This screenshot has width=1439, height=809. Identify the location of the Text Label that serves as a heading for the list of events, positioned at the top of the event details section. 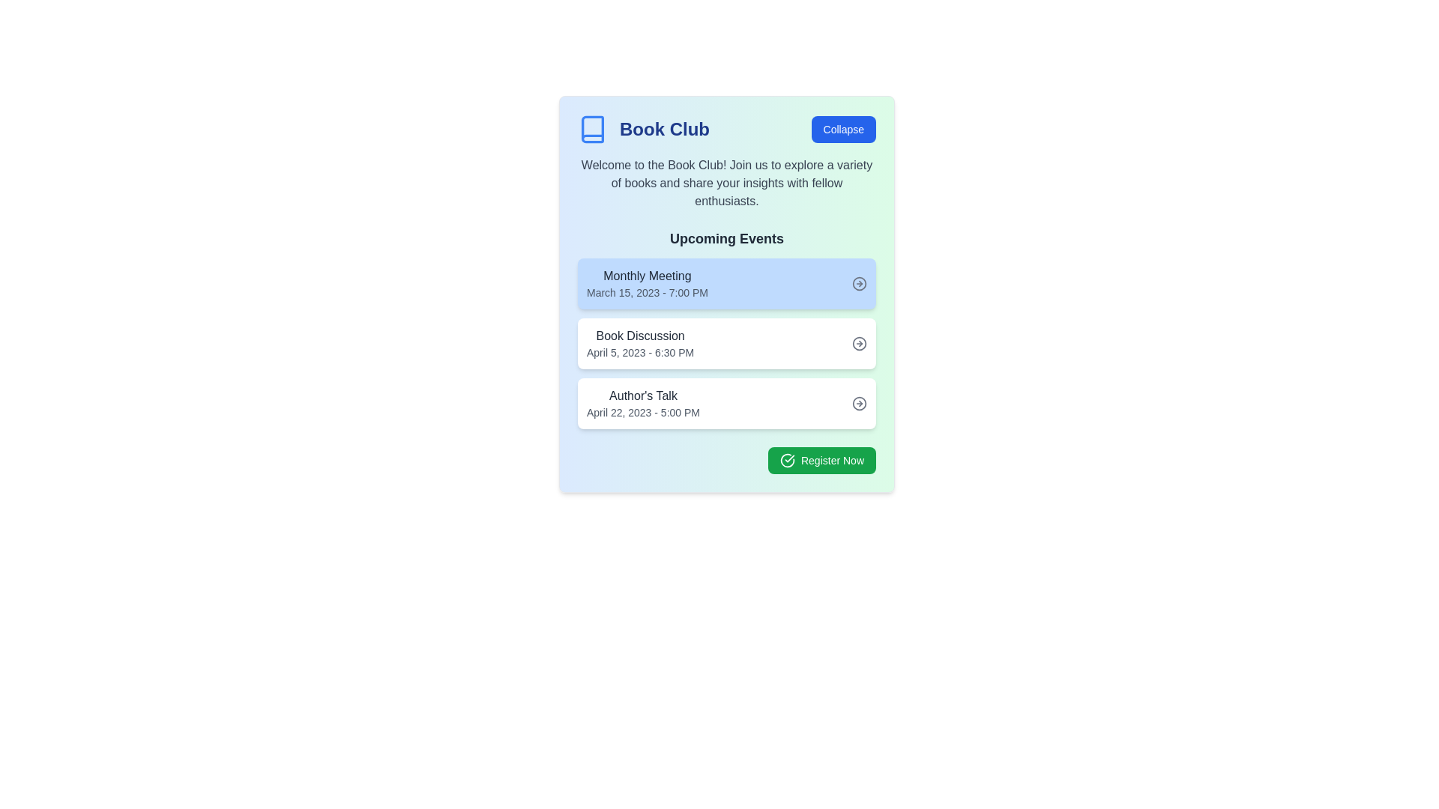
(726, 238).